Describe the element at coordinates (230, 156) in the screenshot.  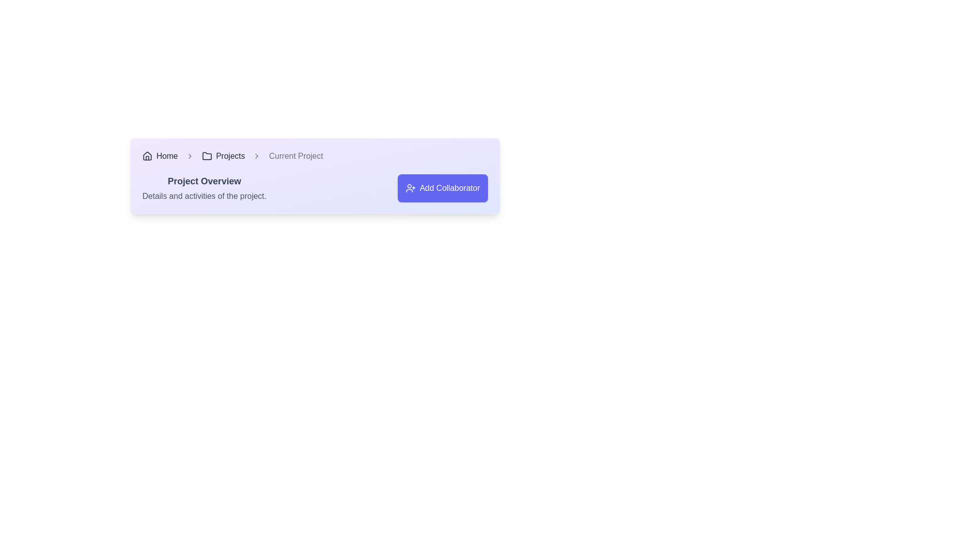
I see `the 'Projects' hyperlink in the breadcrumb navigation bar` at that location.